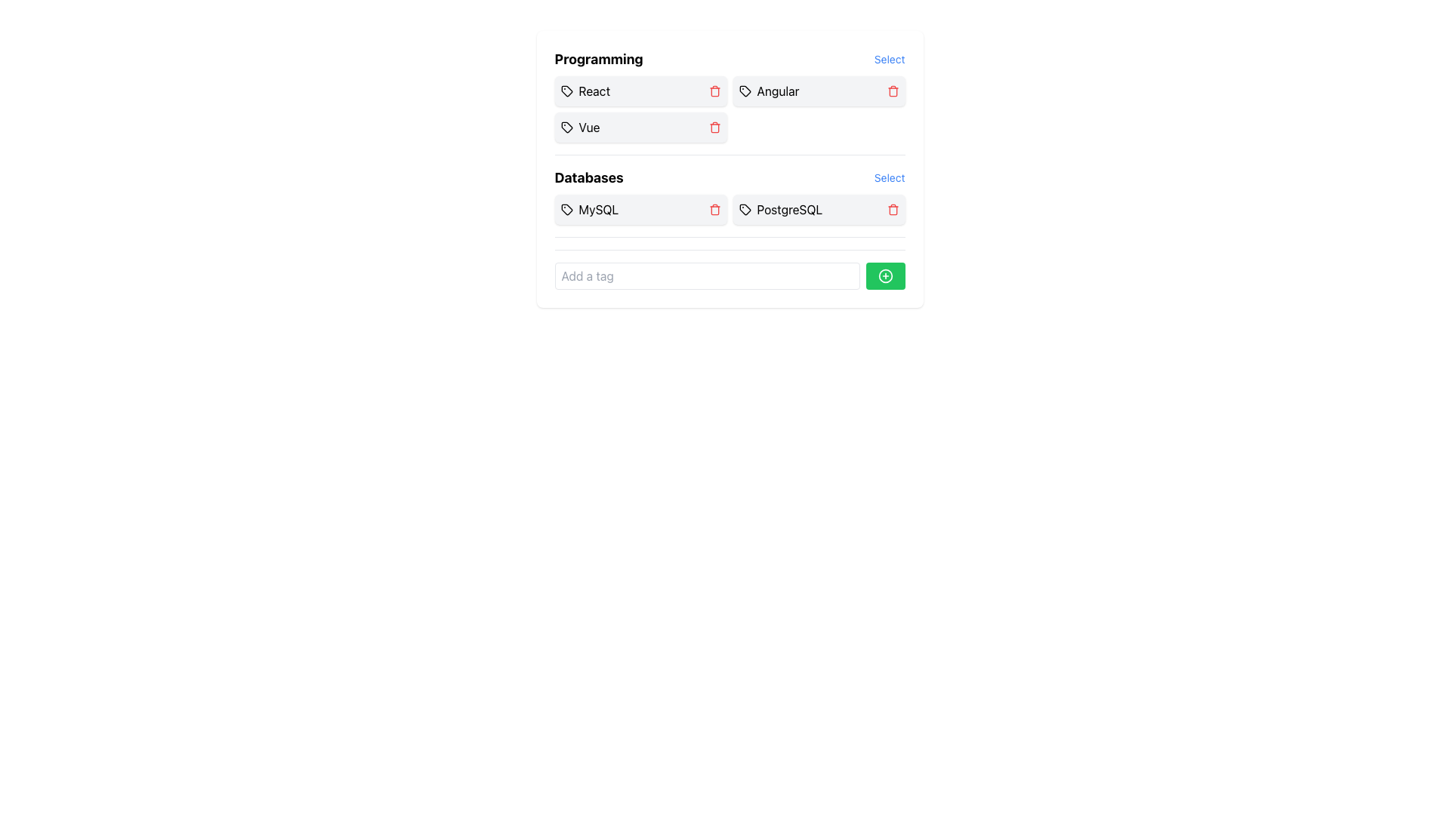 The width and height of the screenshot is (1450, 815). Describe the element at coordinates (566, 91) in the screenshot. I see `the stylized SVG icon resembling a tag or label located in the 'Programming' section, directly to the left of the 'React' text label` at that location.